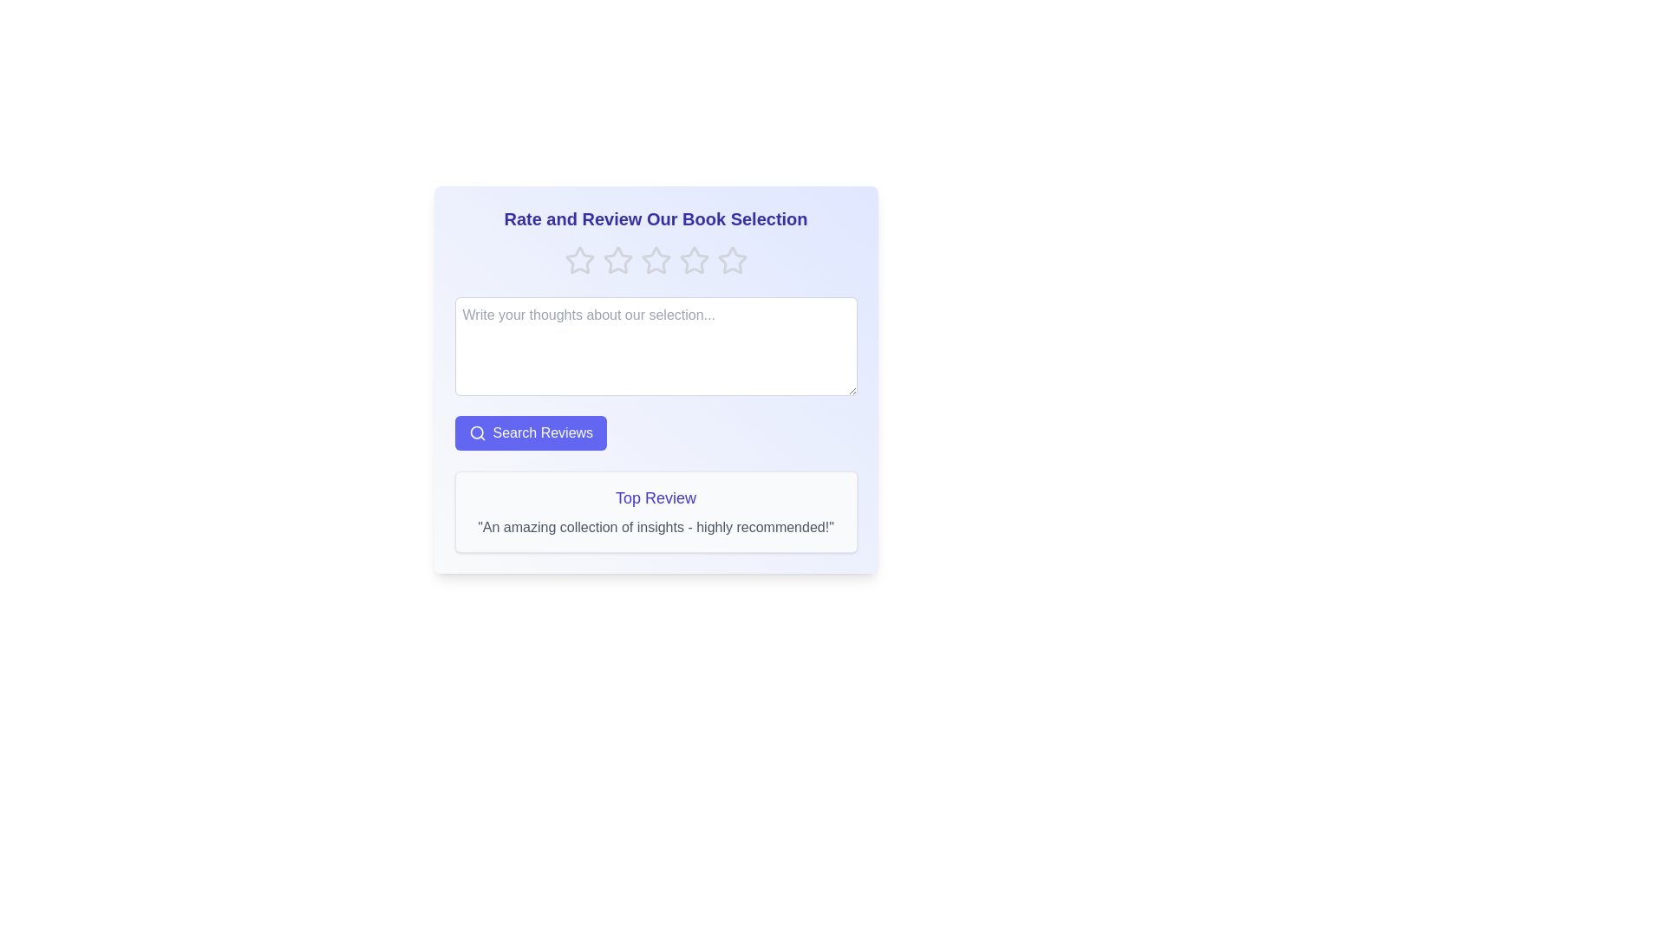  I want to click on the rating to 1 stars by clicking the corresponding star, so click(579, 260).